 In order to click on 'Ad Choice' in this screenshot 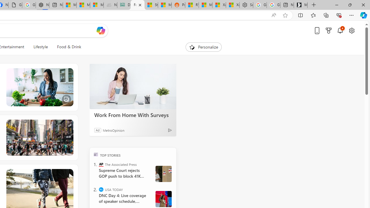, I will do `click(170, 130)`.